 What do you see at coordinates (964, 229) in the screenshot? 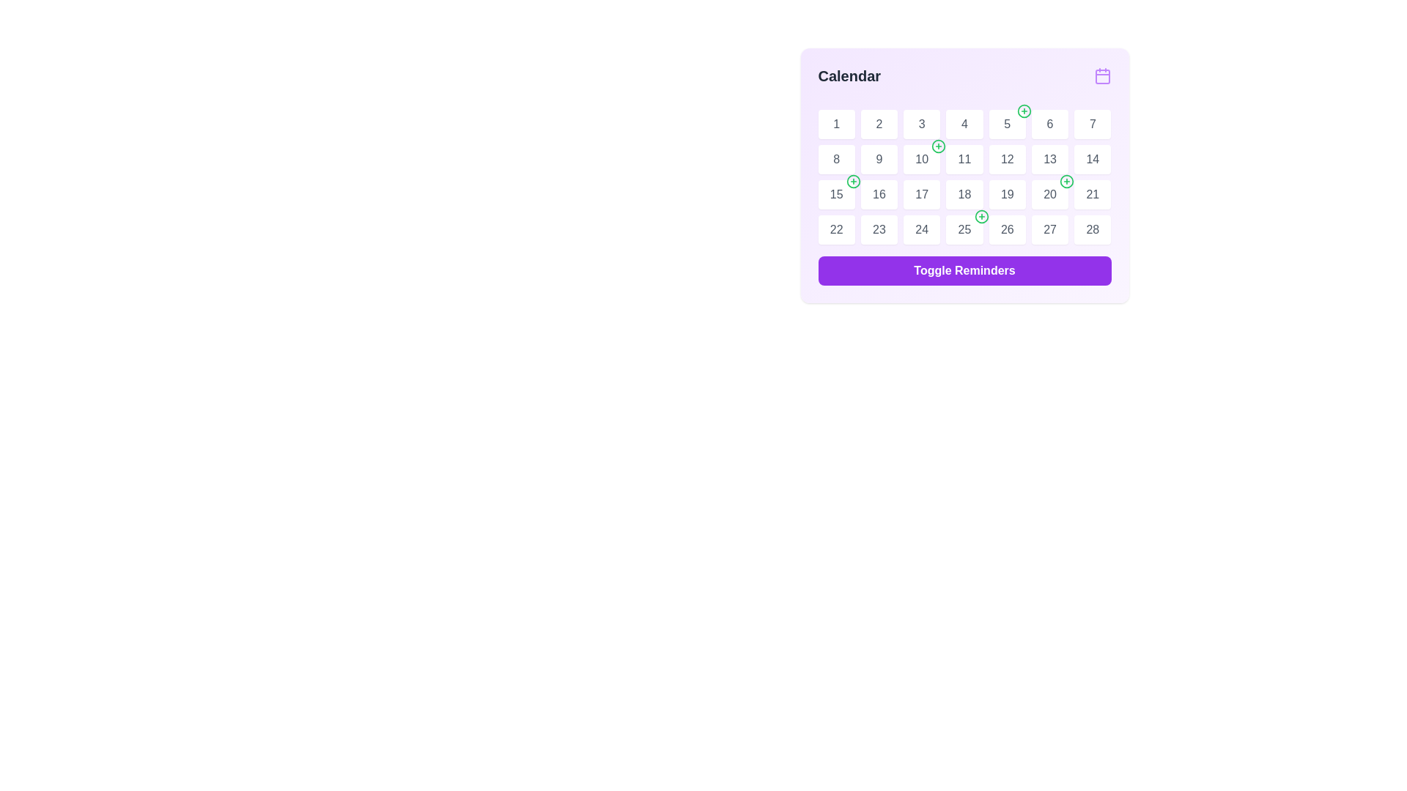
I see `the 25th calendar date tile` at bounding box center [964, 229].